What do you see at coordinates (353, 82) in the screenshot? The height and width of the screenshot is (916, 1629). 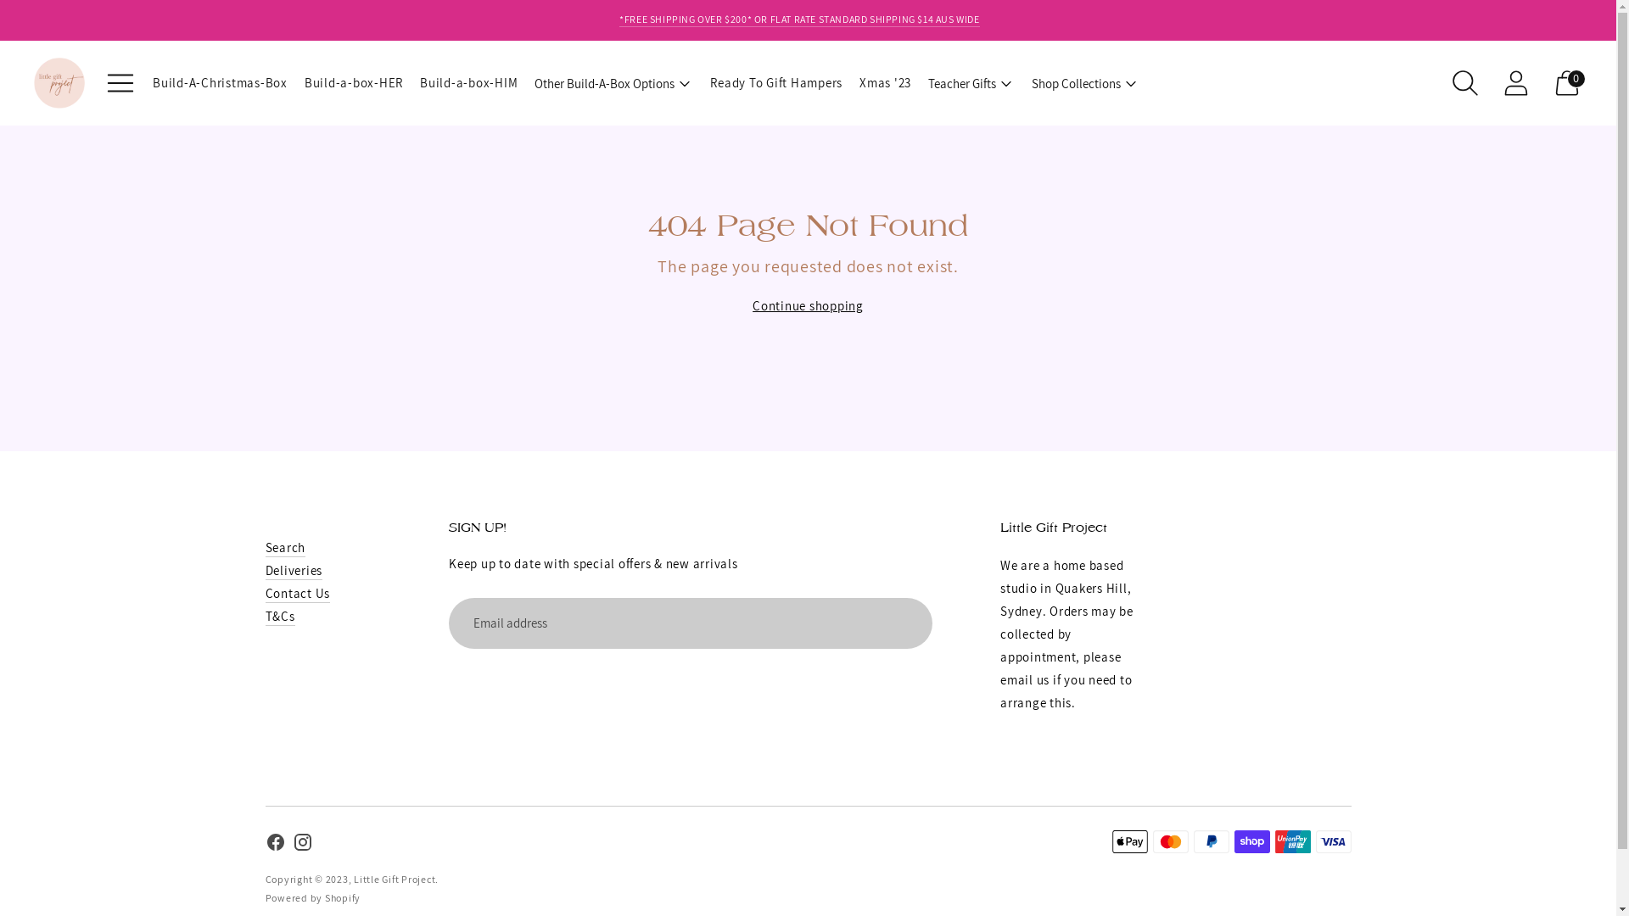 I see `'Build-a-box-HER'` at bounding box center [353, 82].